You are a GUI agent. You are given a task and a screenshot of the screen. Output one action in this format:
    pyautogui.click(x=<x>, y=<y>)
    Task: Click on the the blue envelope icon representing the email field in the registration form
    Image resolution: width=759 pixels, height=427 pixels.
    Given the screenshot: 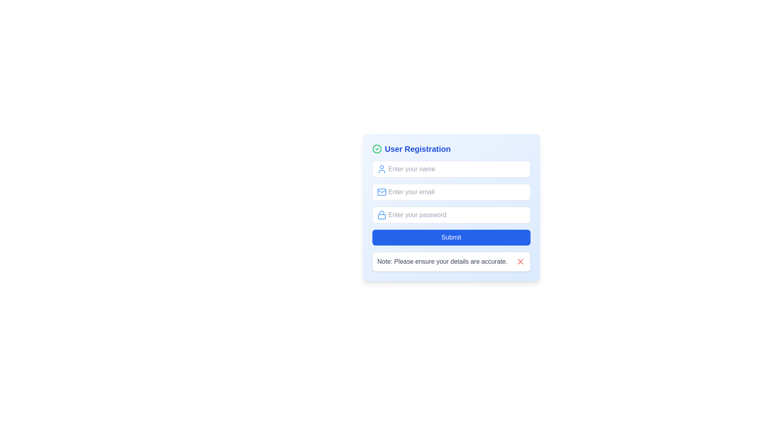 What is the action you would take?
    pyautogui.click(x=381, y=192)
    